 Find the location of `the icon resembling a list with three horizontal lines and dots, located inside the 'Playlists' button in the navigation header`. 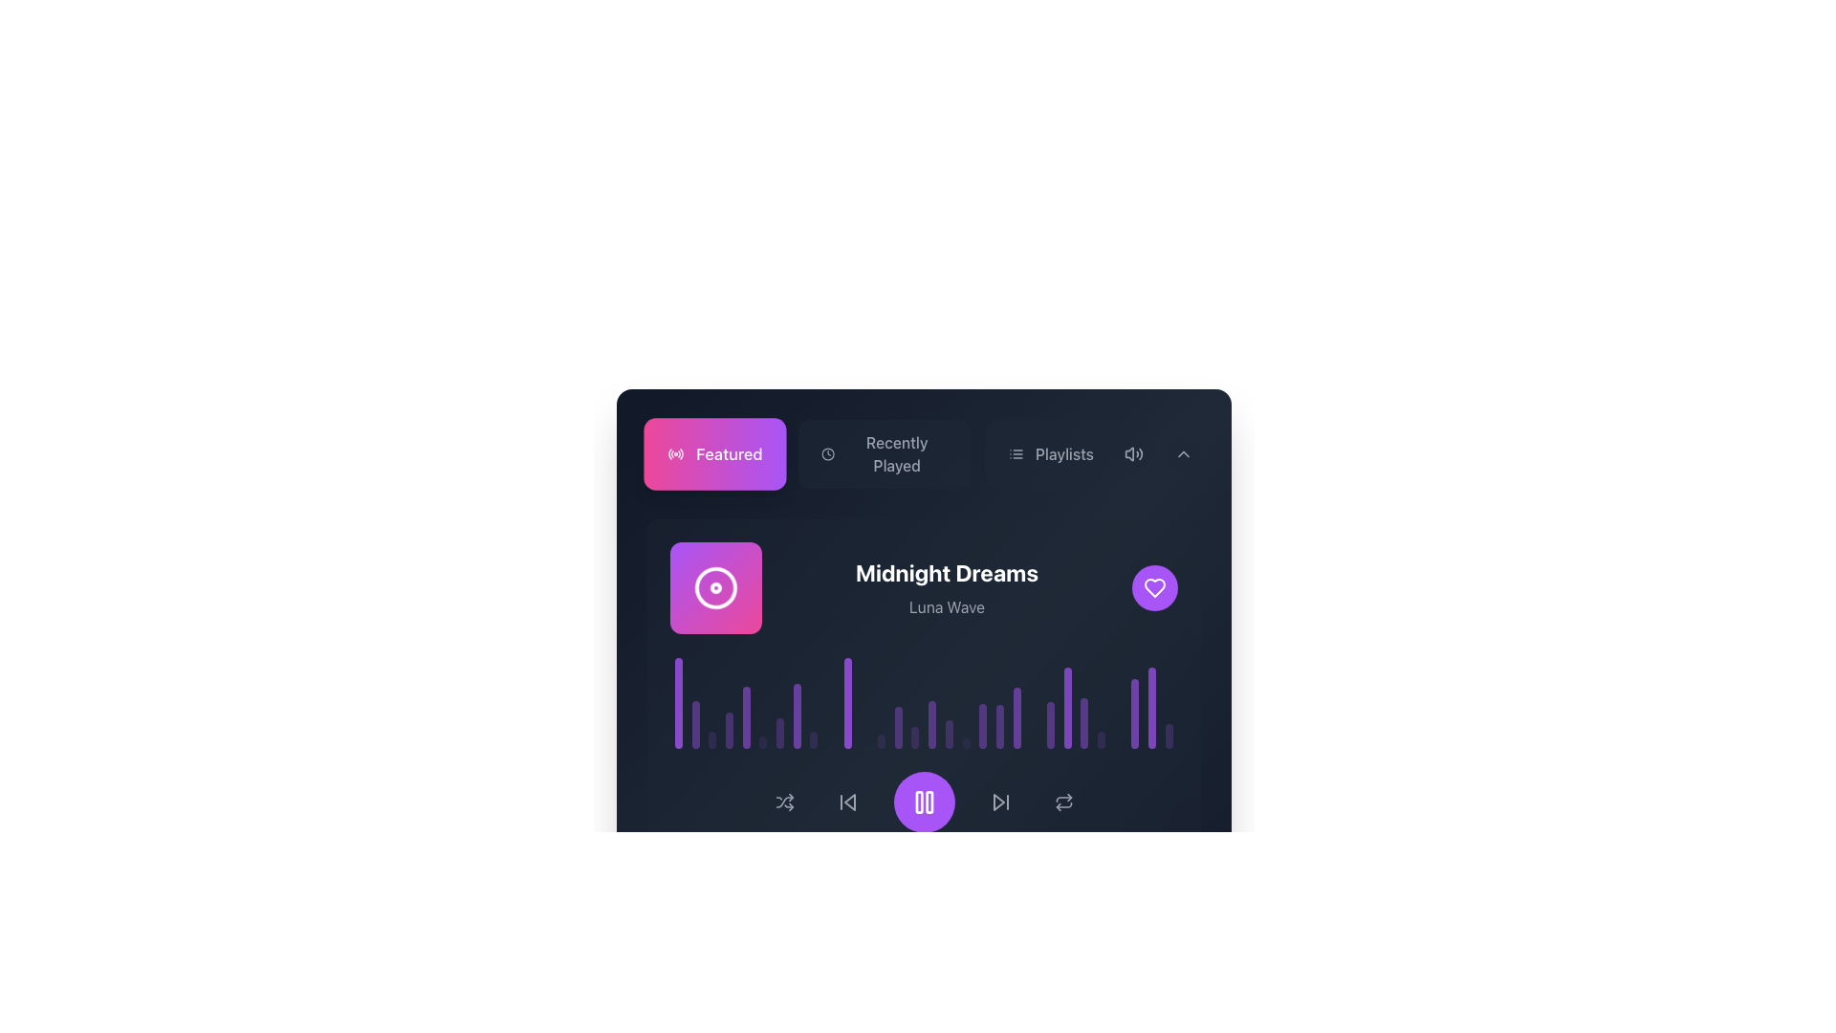

the icon resembling a list with three horizontal lines and dots, located inside the 'Playlists' button in the navigation header is located at coordinates (1015, 453).